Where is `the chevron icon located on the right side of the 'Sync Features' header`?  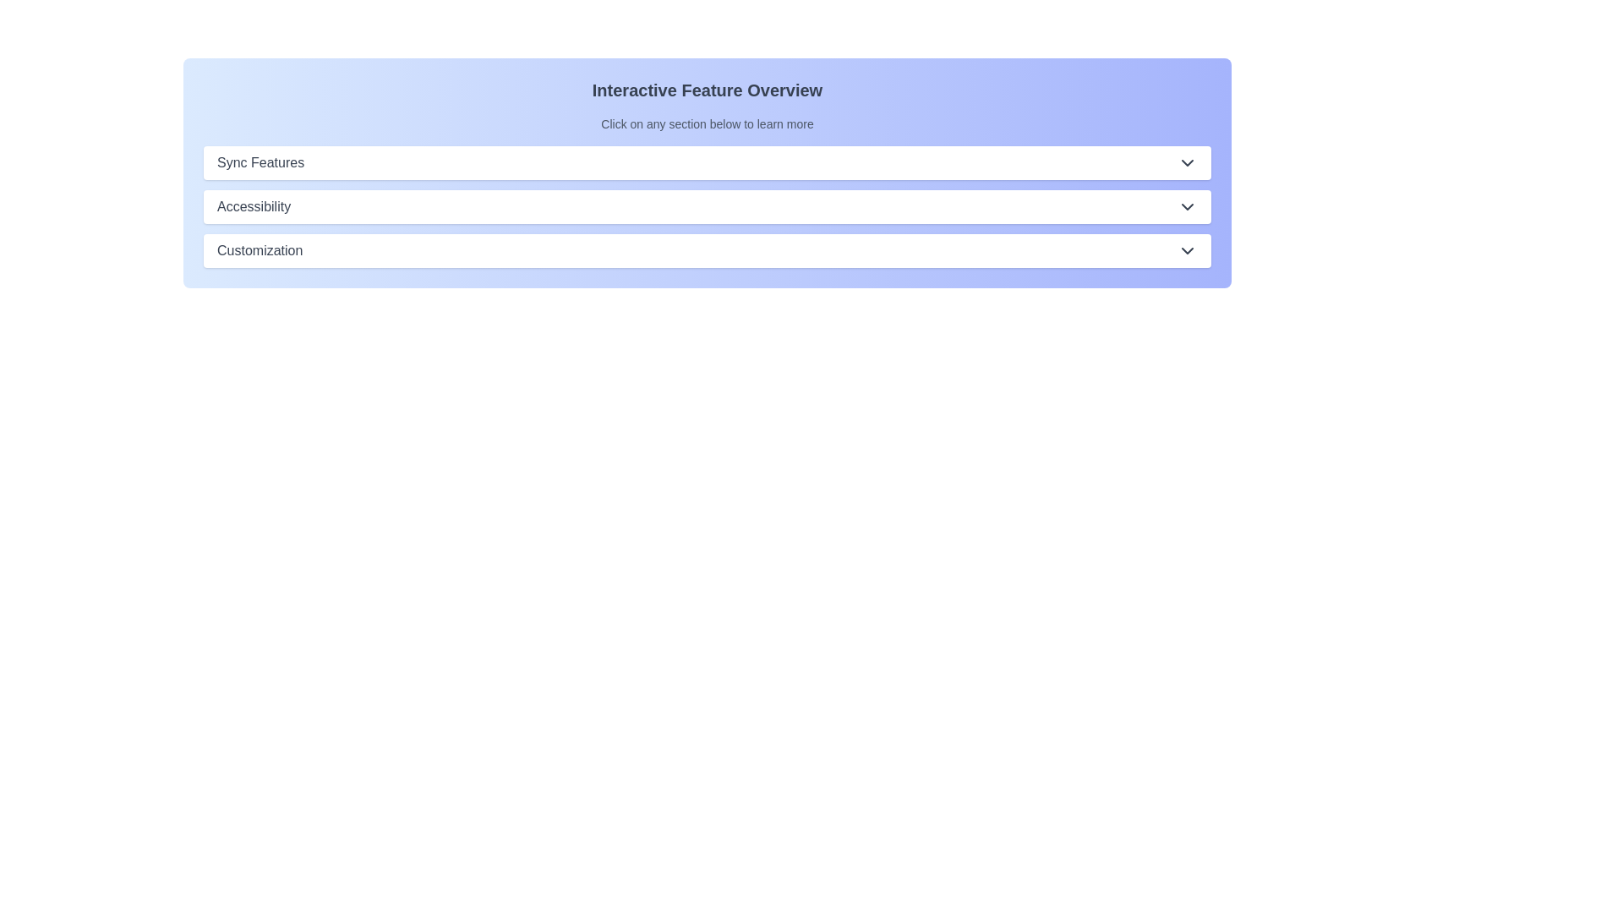 the chevron icon located on the right side of the 'Sync Features' header is located at coordinates (1187, 162).